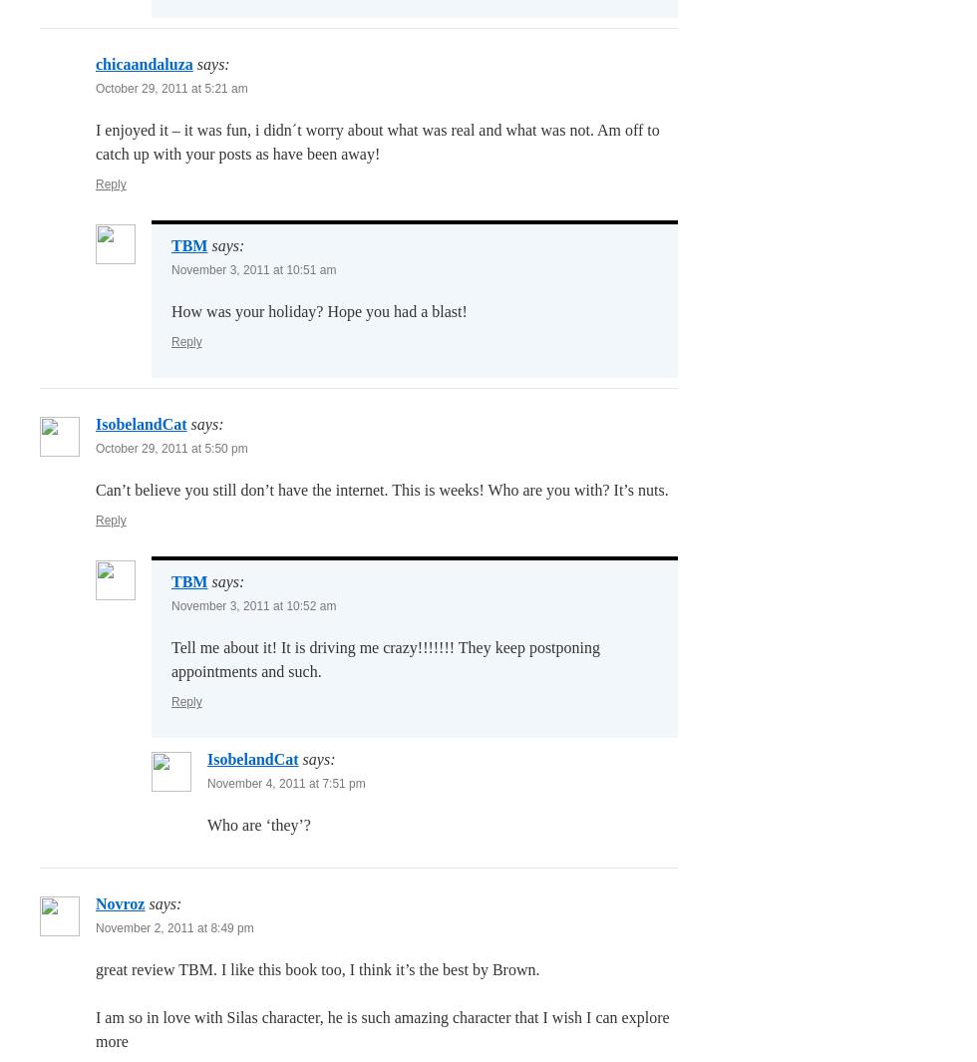 The image size is (977, 1062). What do you see at coordinates (258, 825) in the screenshot?
I see `'Who are ‘they’?'` at bounding box center [258, 825].